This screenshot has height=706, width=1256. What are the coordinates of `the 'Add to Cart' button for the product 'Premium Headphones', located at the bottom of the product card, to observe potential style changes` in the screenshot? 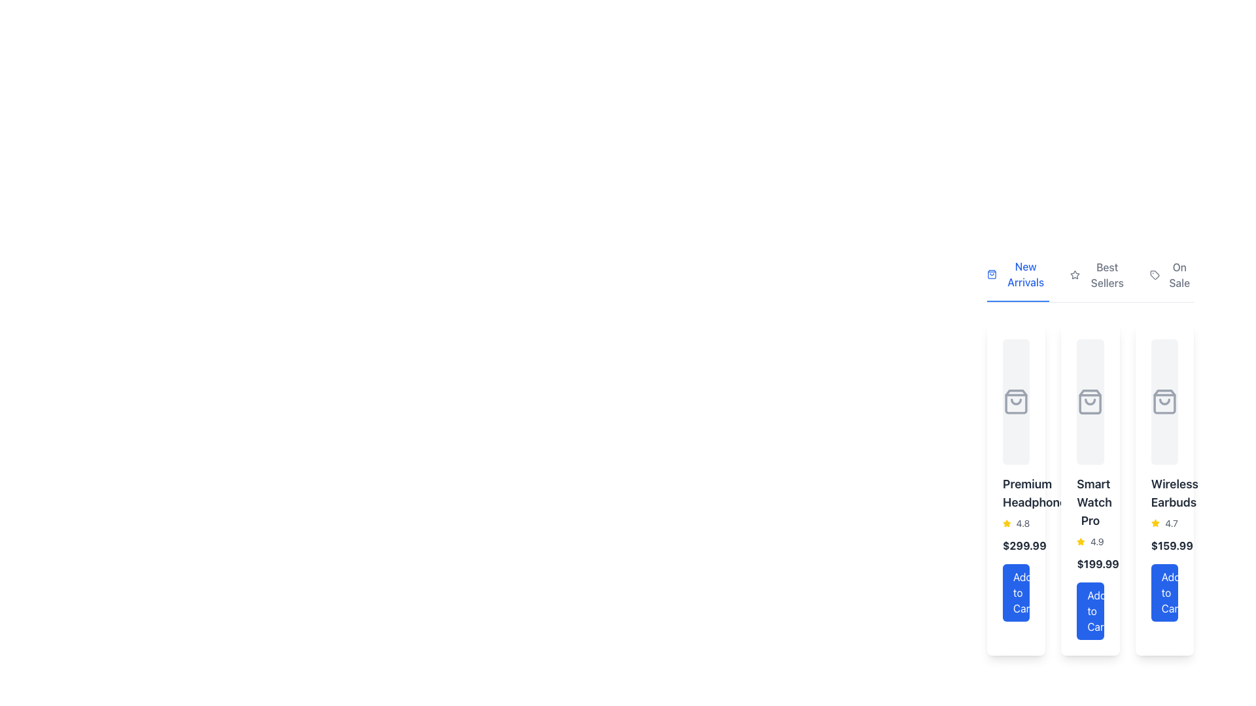 It's located at (1015, 592).